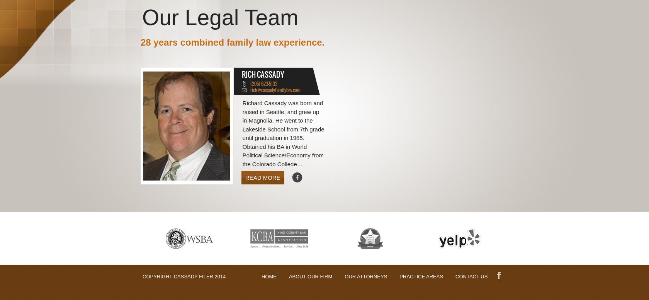 The width and height of the screenshot is (649, 300). What do you see at coordinates (262, 177) in the screenshot?
I see `'Read more'` at bounding box center [262, 177].